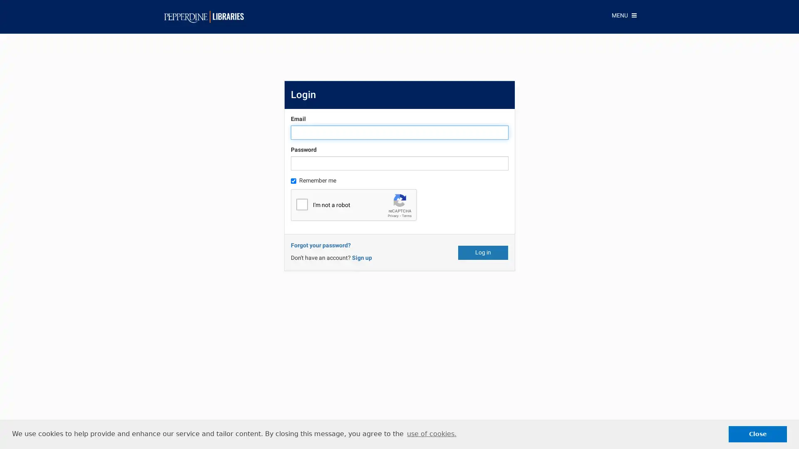  Describe the element at coordinates (431, 434) in the screenshot. I see `learn more about cookies` at that location.